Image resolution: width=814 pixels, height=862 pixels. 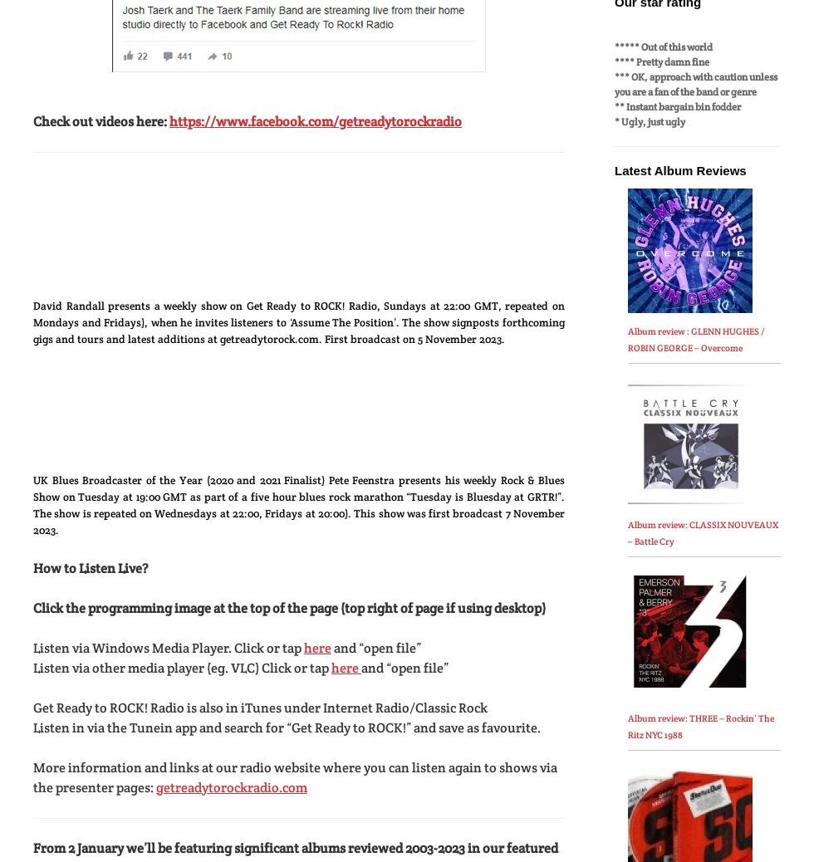 What do you see at coordinates (232, 786) in the screenshot?
I see `'getreadytorockradio.com'` at bounding box center [232, 786].